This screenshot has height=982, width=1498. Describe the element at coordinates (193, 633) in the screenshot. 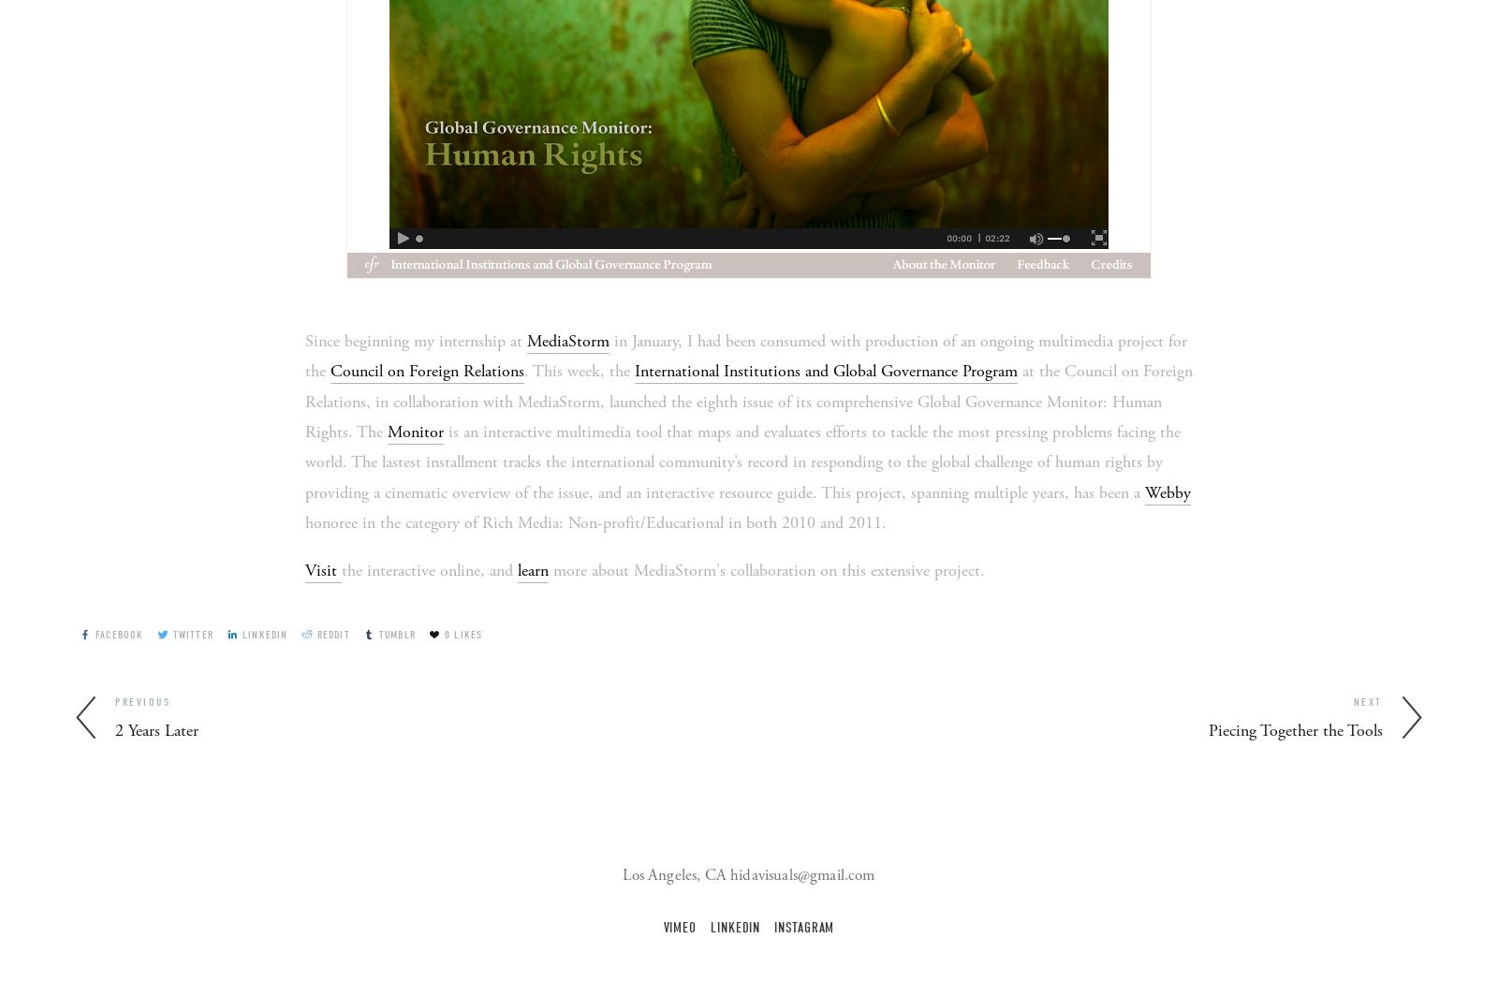

I see `'Twitter'` at that location.